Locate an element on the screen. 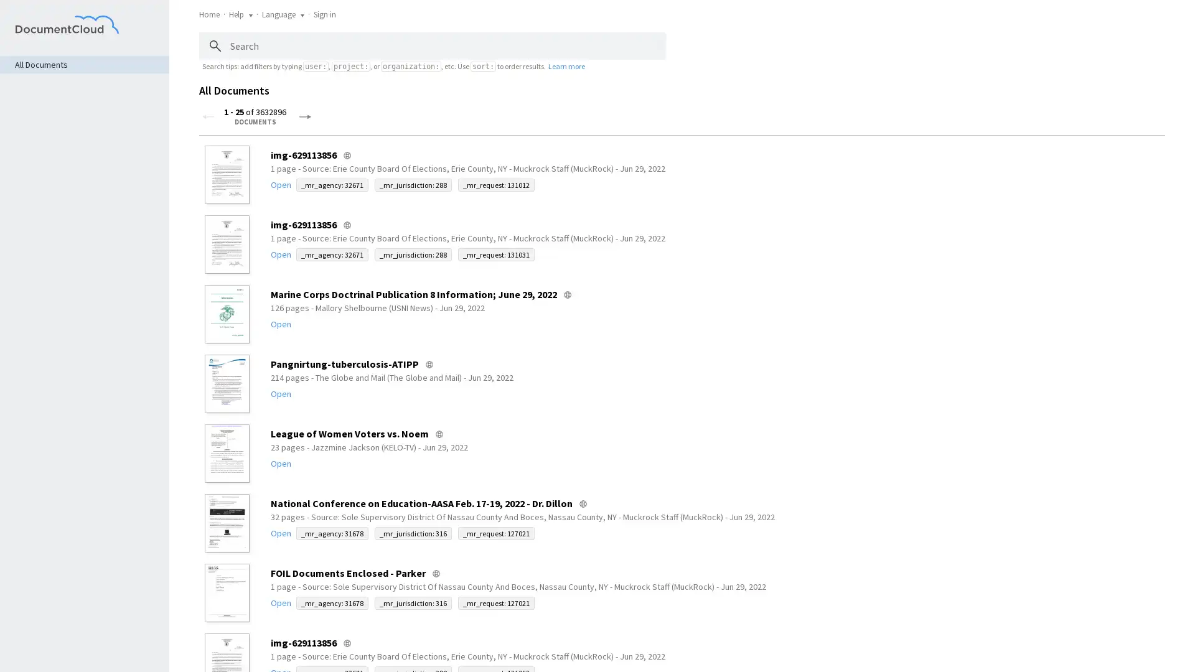 This screenshot has height=672, width=1195. _mr_jurisdiction: 316 is located at coordinates (413, 532).